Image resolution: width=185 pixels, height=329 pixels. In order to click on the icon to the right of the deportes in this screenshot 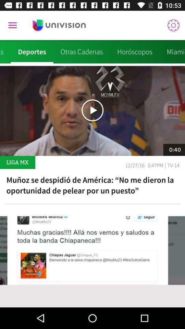, I will do `click(82, 51)`.